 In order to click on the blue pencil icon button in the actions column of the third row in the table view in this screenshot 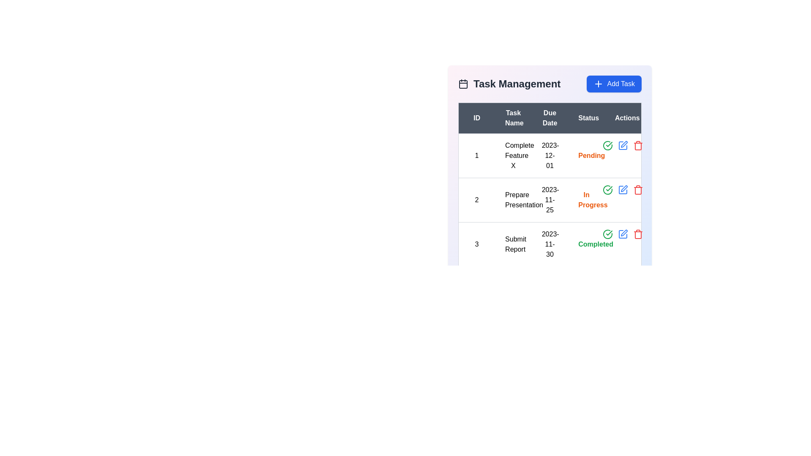, I will do `click(623, 234)`.